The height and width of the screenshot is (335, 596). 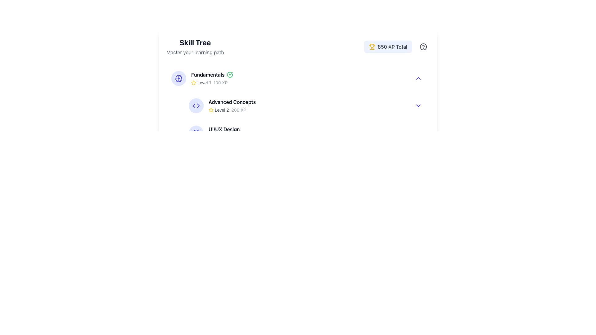 What do you see at coordinates (193, 82) in the screenshot?
I see `the achievement icon that signifies 'Level 1', which is centrally aligned near the top of the subsection labeled 'Fundamentals'` at bounding box center [193, 82].